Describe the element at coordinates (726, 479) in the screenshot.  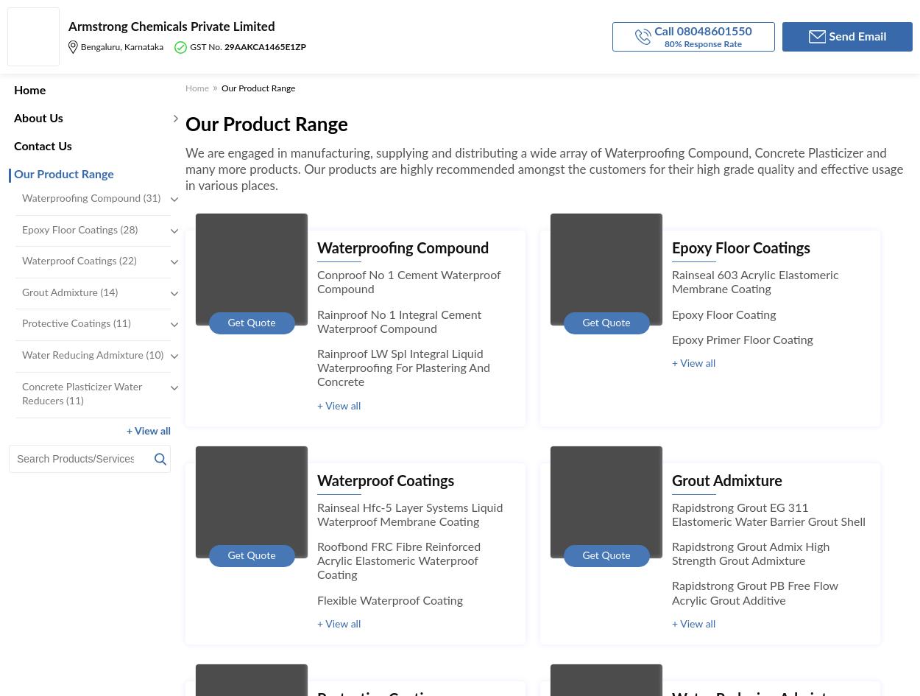
I see `'Grout Admixture'` at that location.